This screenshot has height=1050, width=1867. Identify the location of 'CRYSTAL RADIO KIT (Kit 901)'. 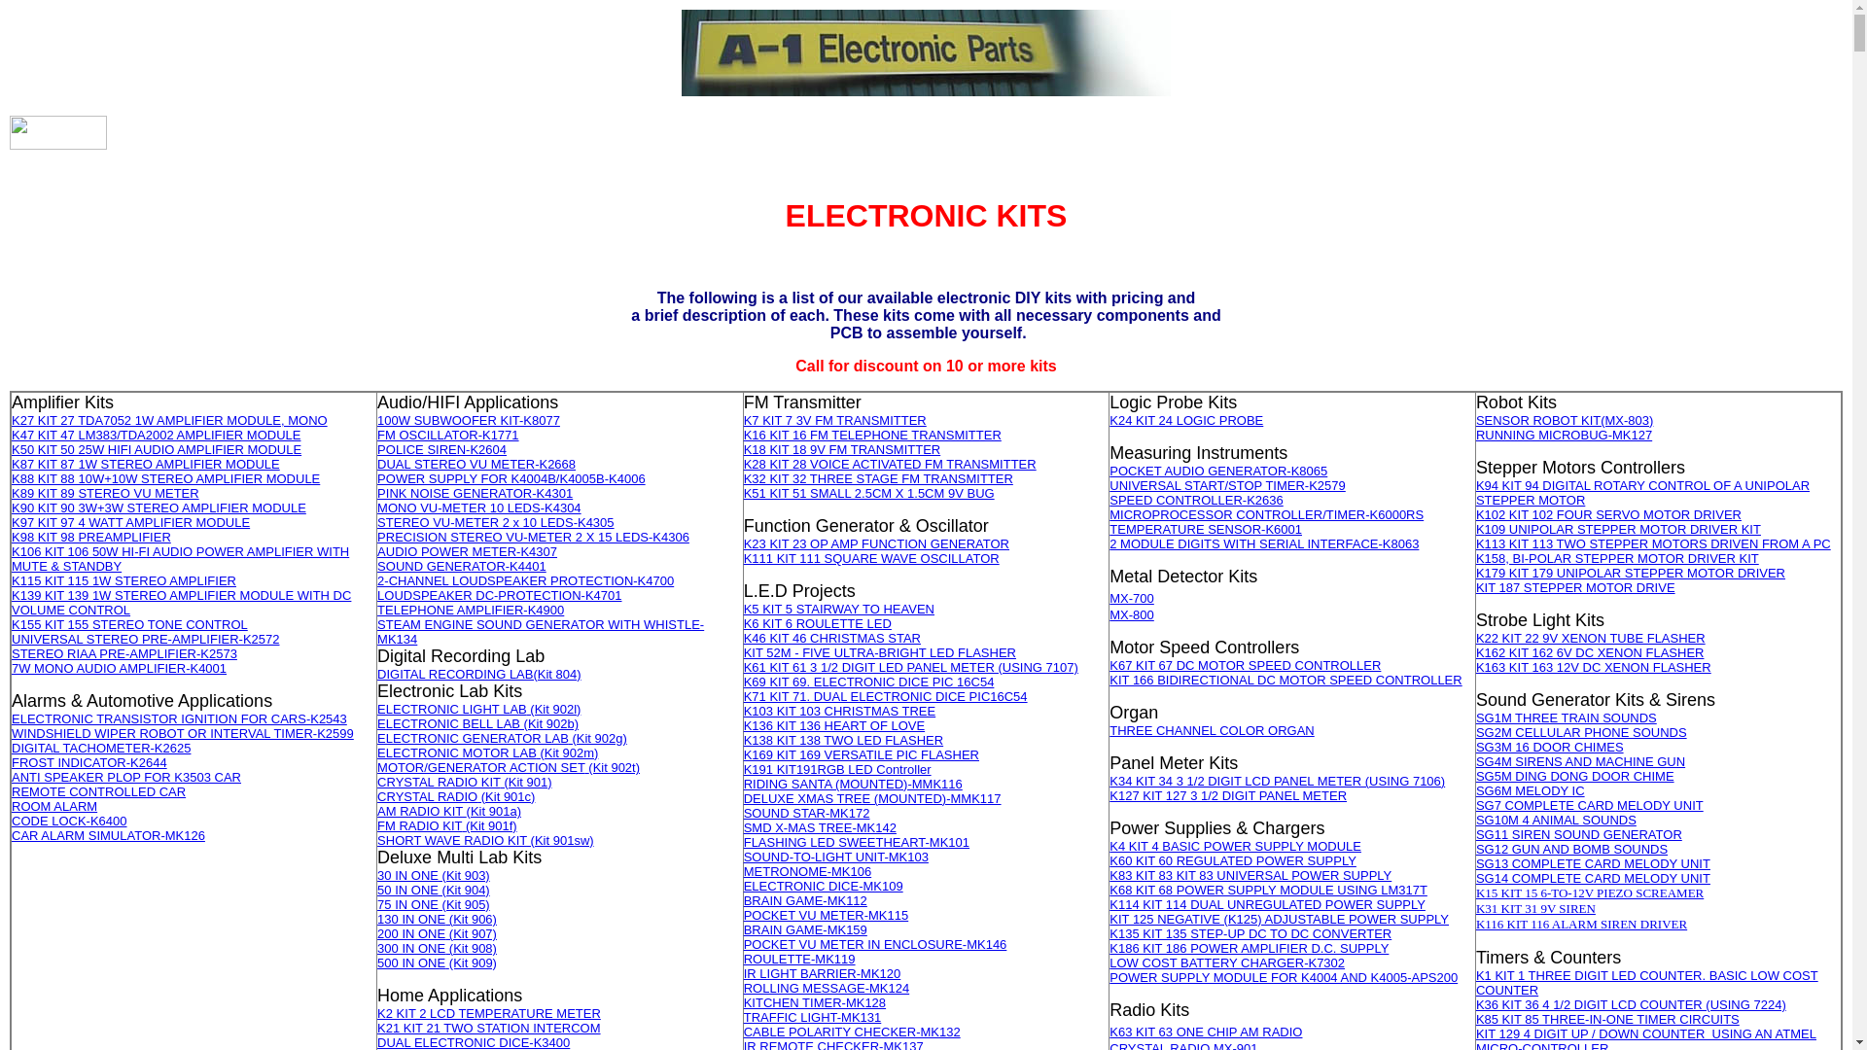
(463, 781).